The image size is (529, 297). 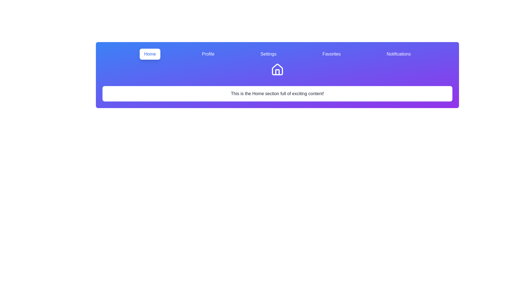 What do you see at coordinates (277, 73) in the screenshot?
I see `the house icon with a white outline on a gradient background to trigger its animation effect` at bounding box center [277, 73].